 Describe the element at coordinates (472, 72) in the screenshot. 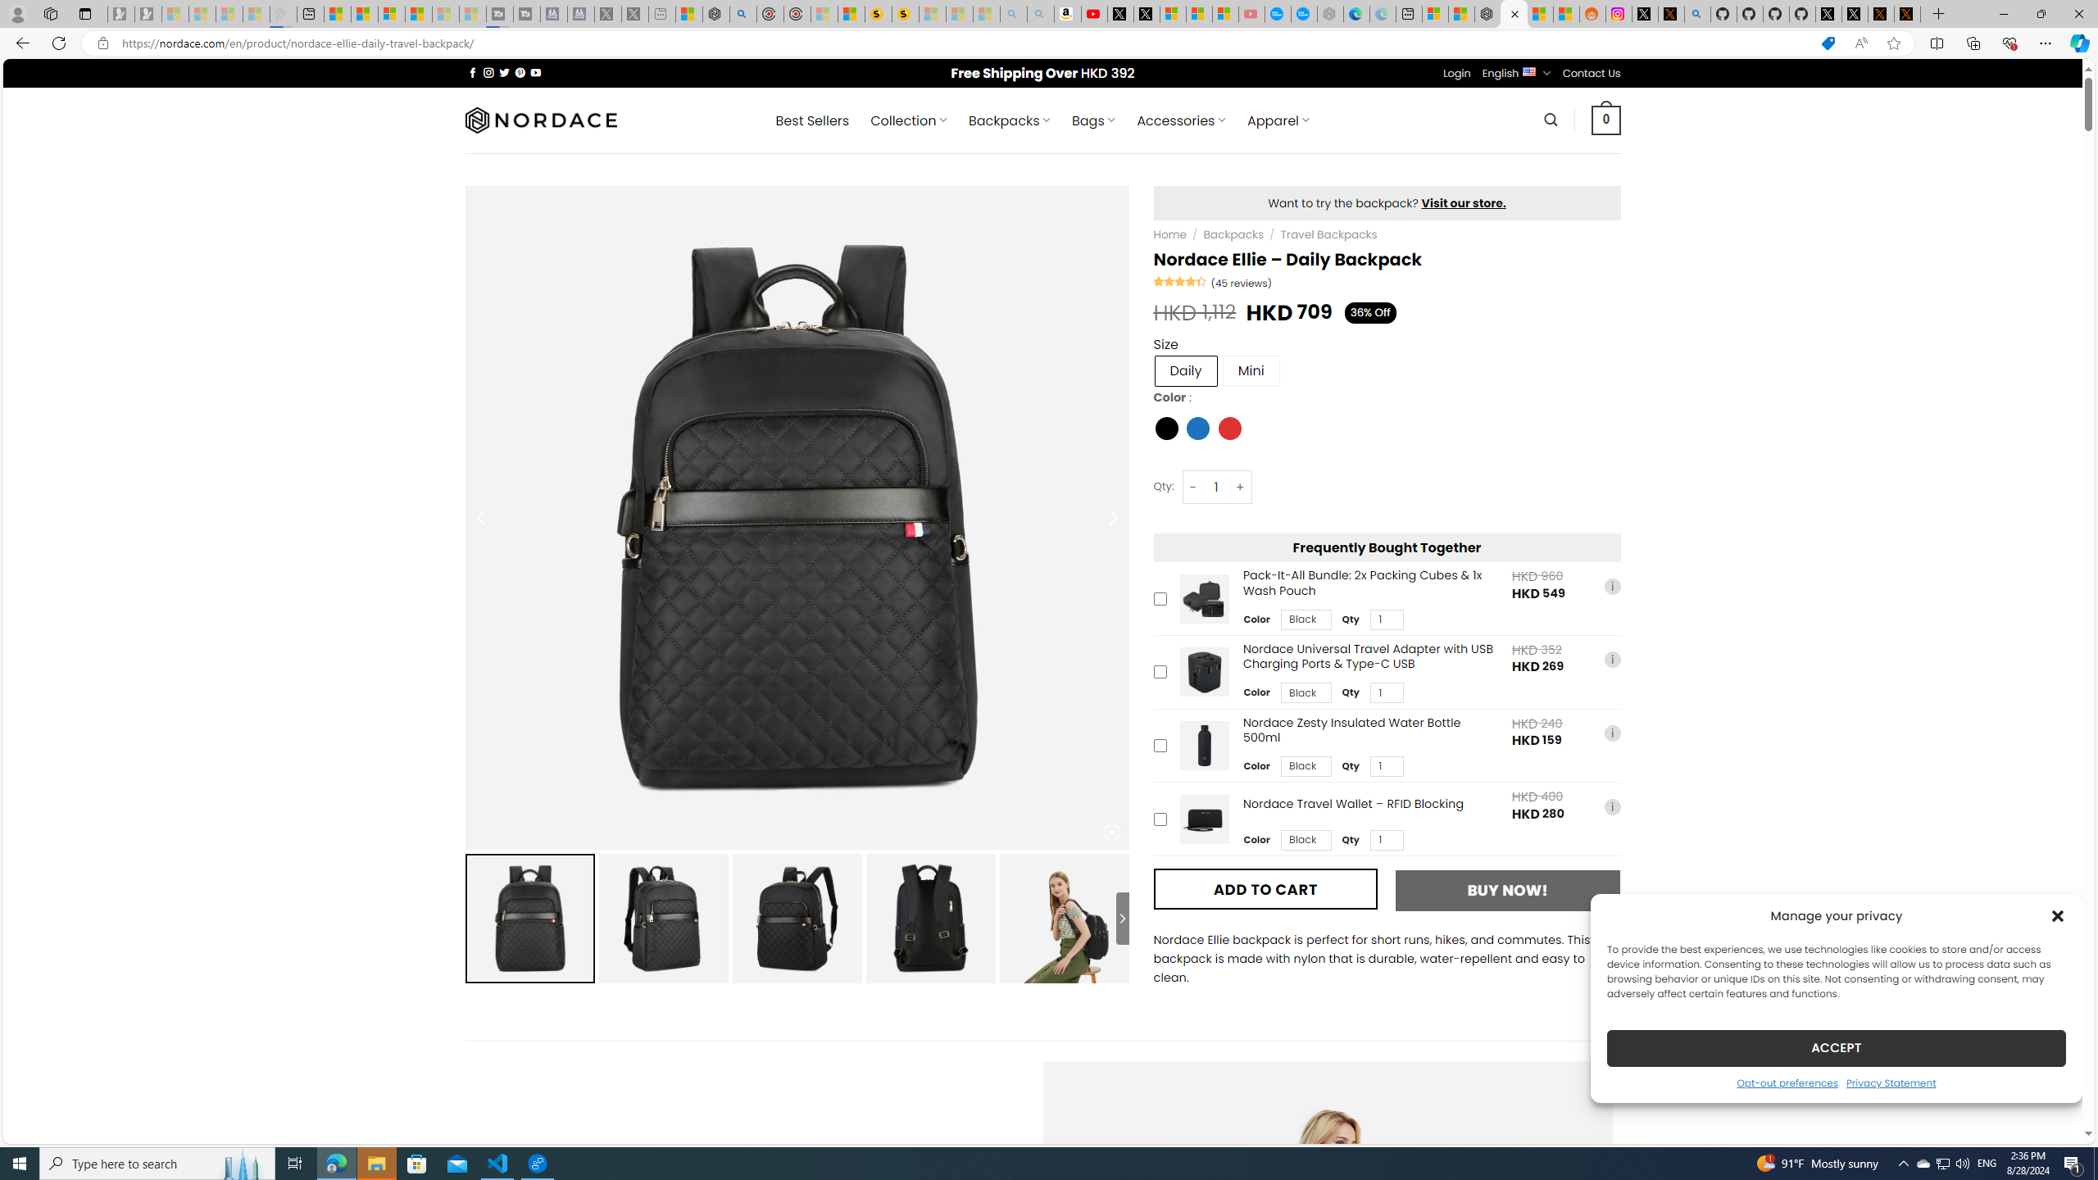

I see `'Follow on Facebook'` at that location.